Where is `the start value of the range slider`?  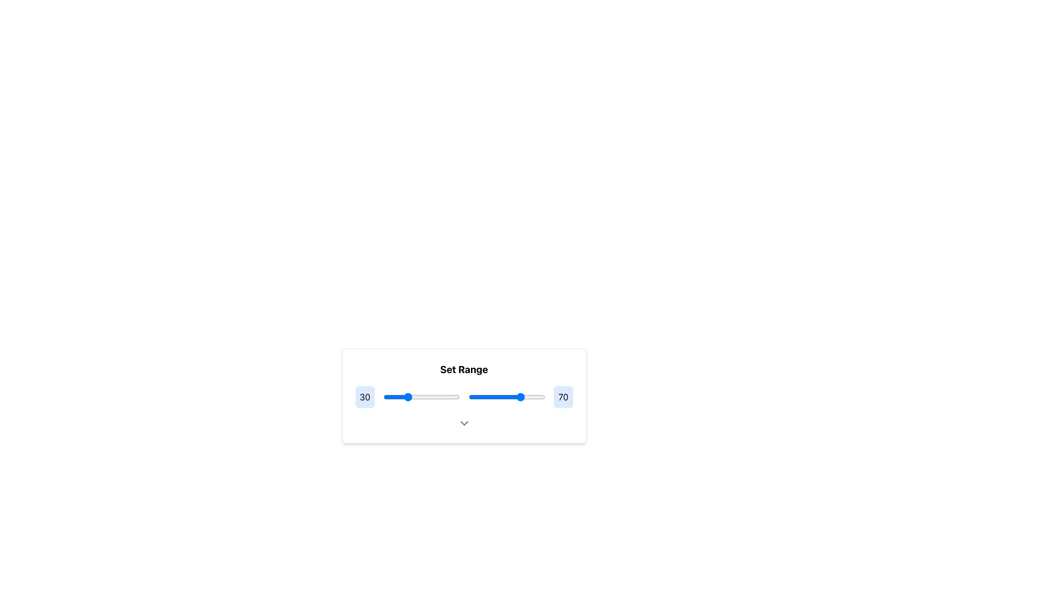
the start value of the range slider is located at coordinates (391, 397).